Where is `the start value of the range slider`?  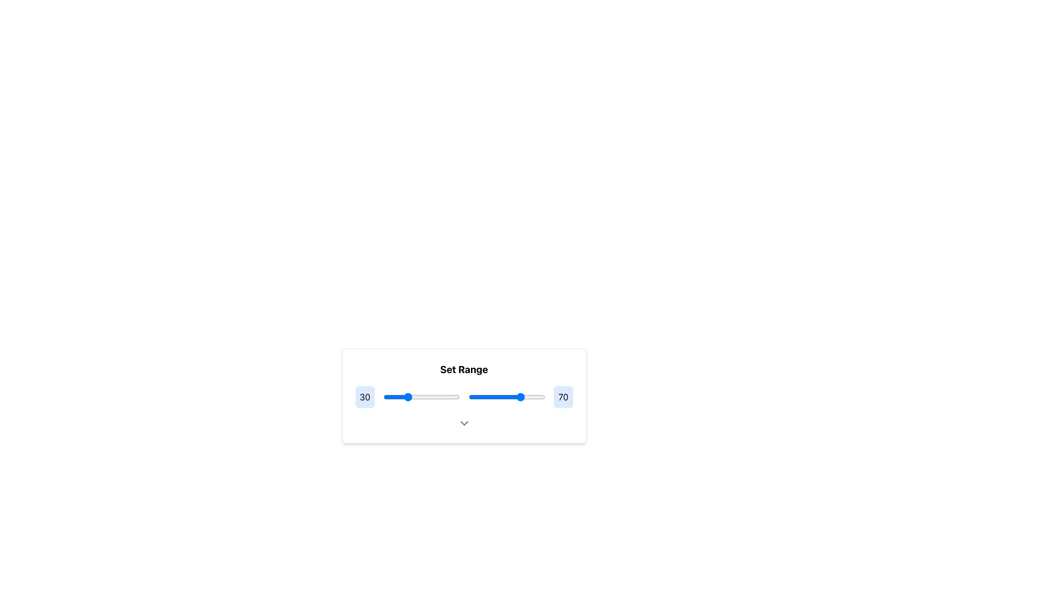
the start value of the range slider is located at coordinates (391, 397).